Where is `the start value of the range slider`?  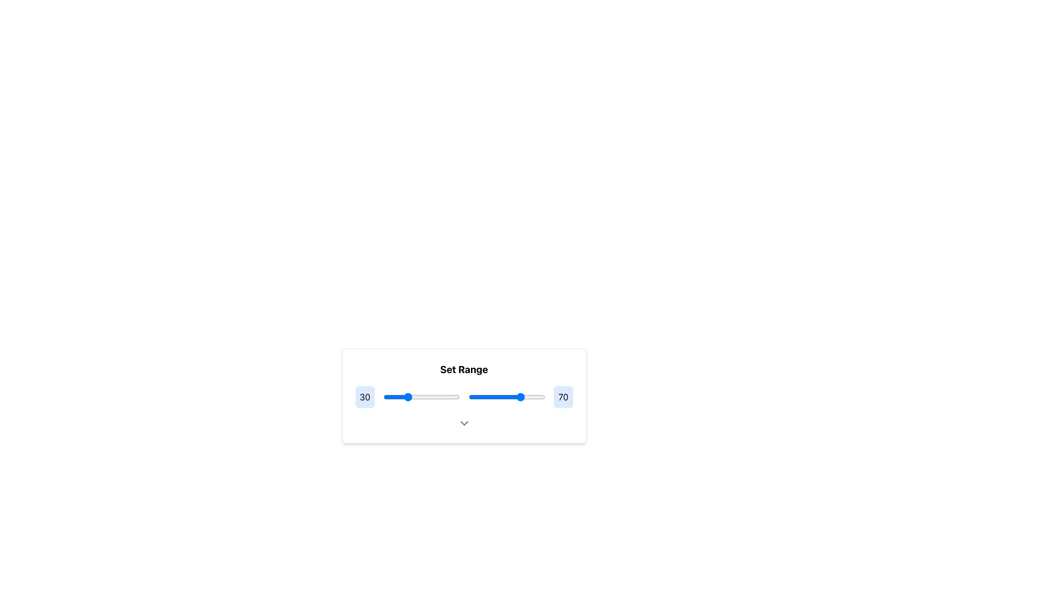
the start value of the range slider is located at coordinates (391, 397).